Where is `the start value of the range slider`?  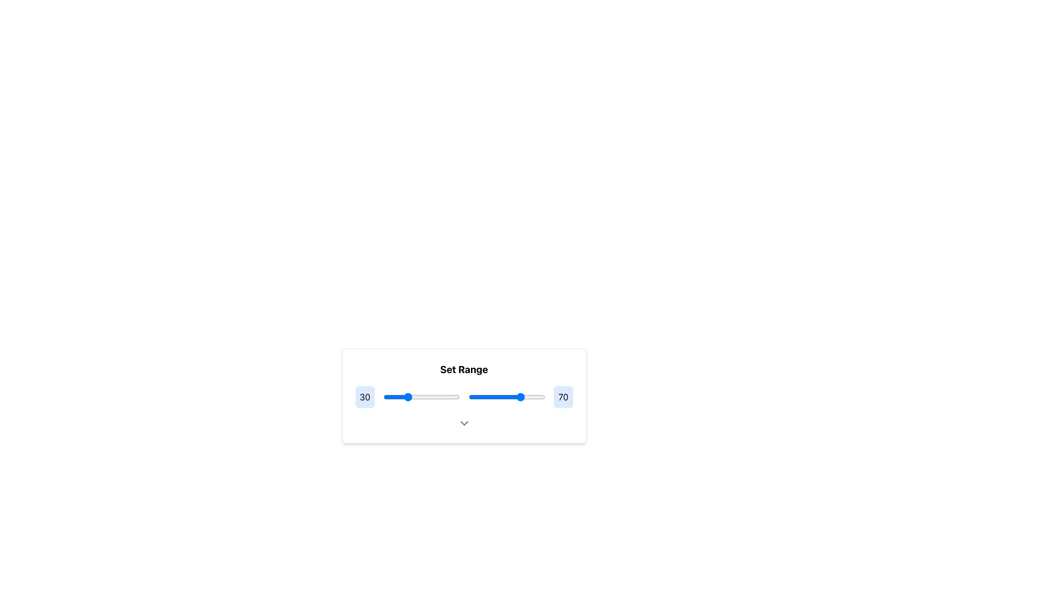
the start value of the range slider is located at coordinates (391, 397).